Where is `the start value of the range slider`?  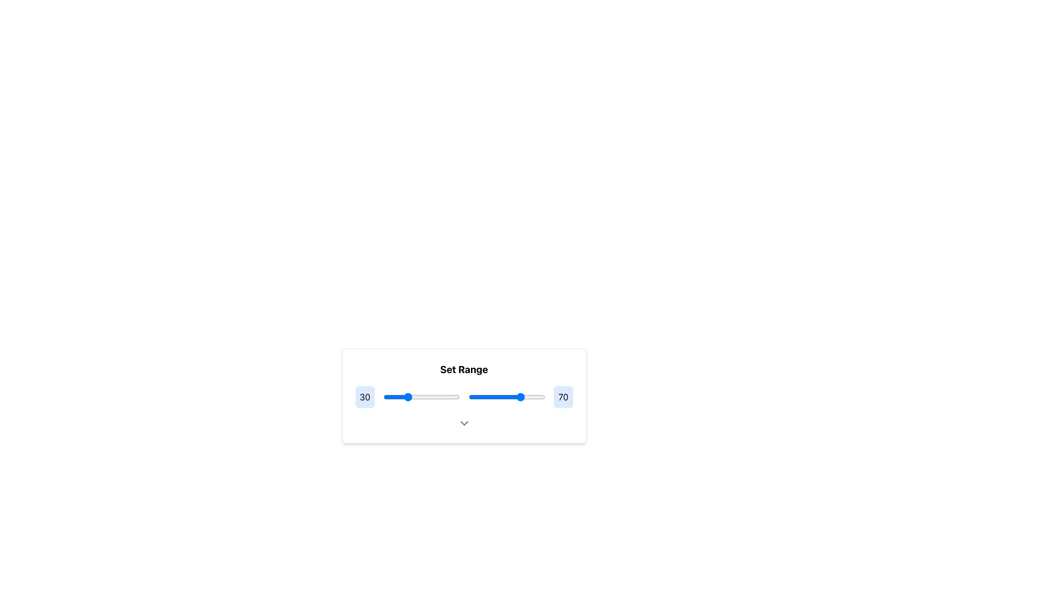
the start value of the range slider is located at coordinates (391, 397).